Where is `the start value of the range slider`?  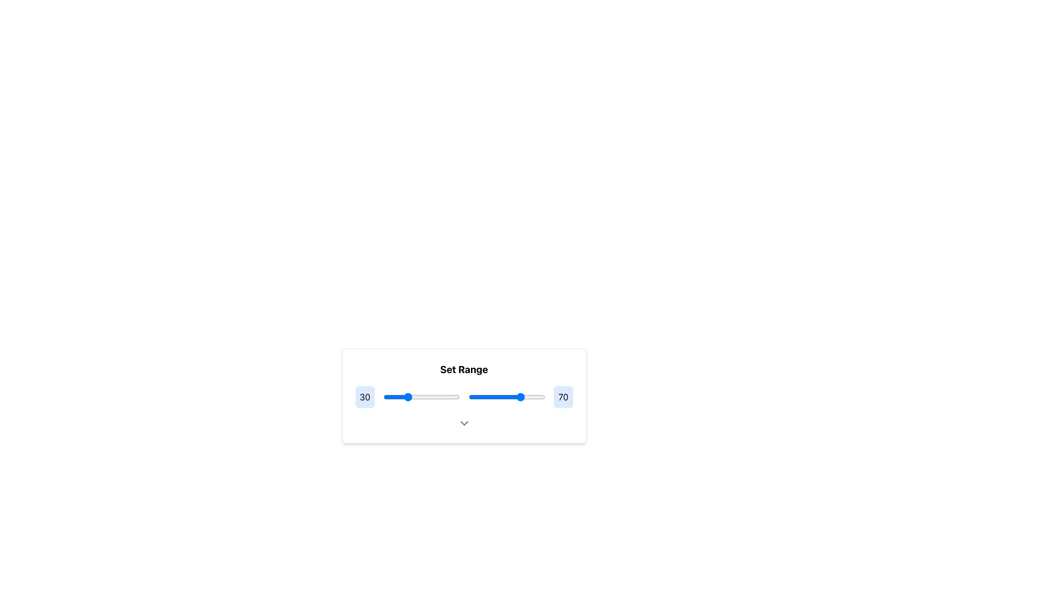
the start value of the range slider is located at coordinates (391, 397).